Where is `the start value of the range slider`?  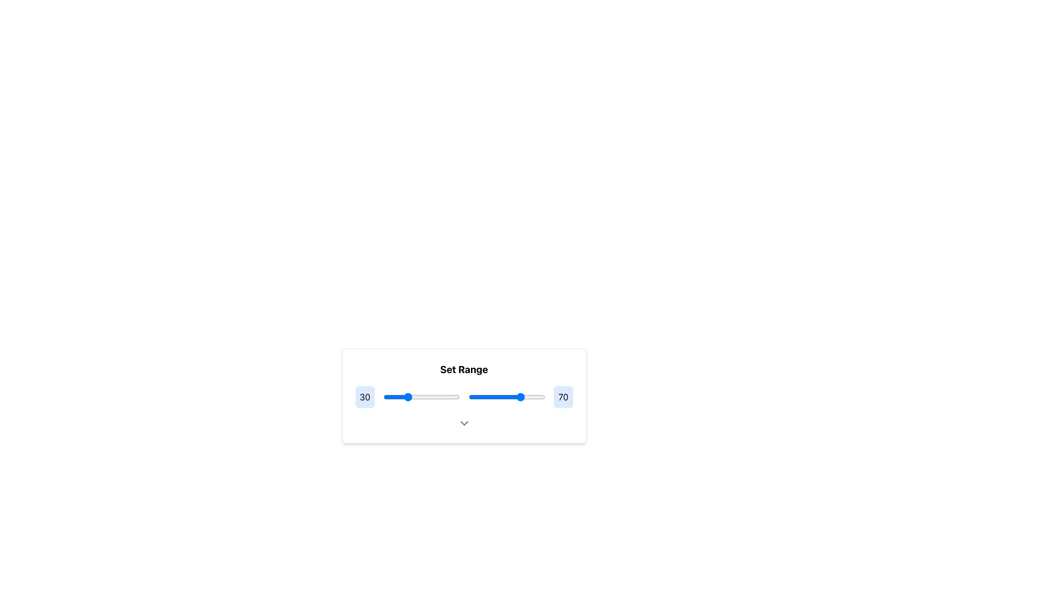
the start value of the range slider is located at coordinates (391, 397).